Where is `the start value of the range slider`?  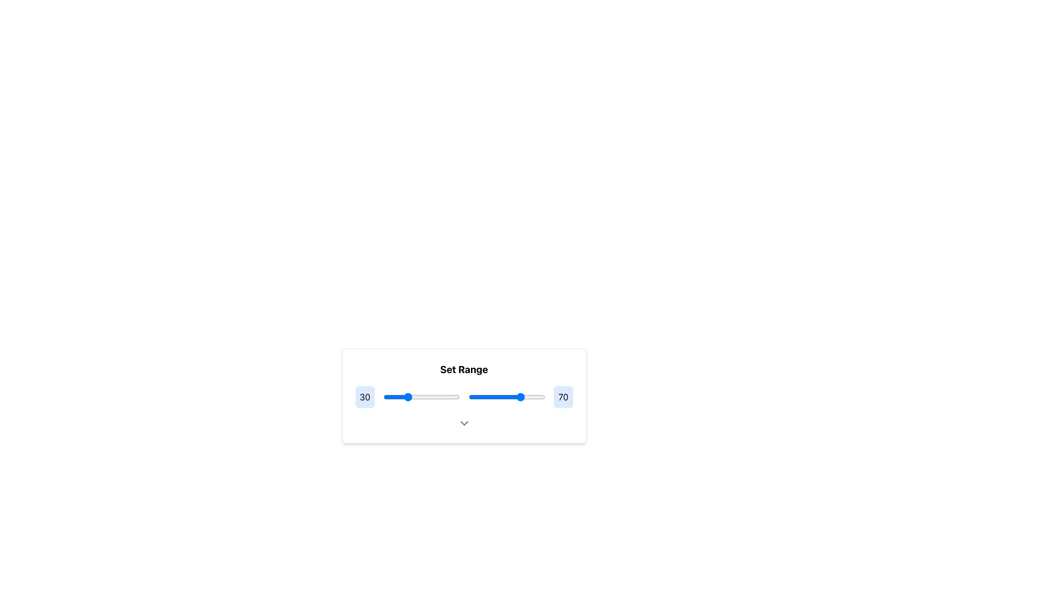
the start value of the range slider is located at coordinates (391, 397).